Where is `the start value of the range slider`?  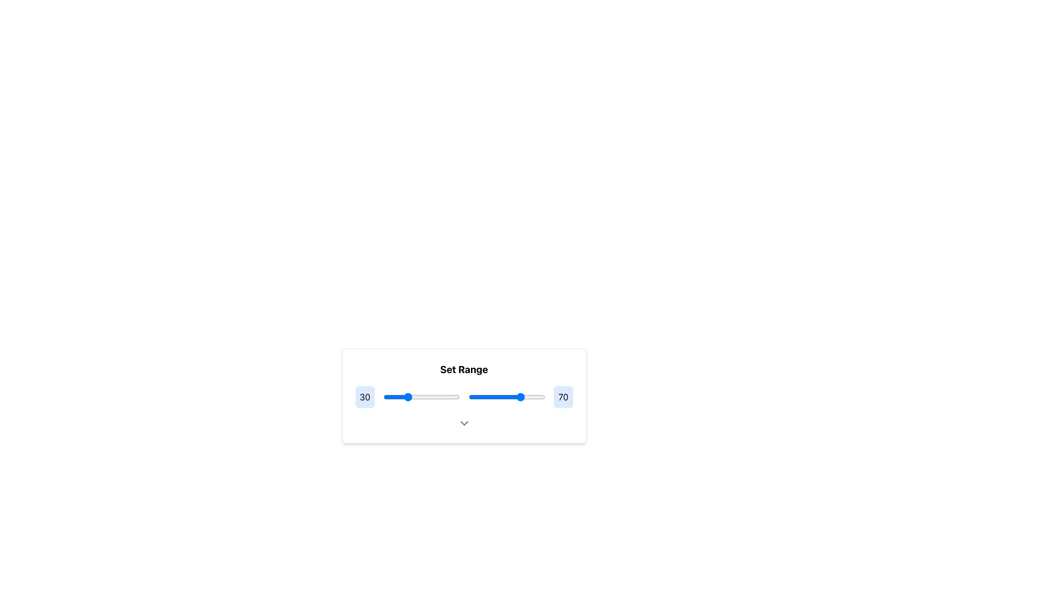
the start value of the range slider is located at coordinates (391, 397).